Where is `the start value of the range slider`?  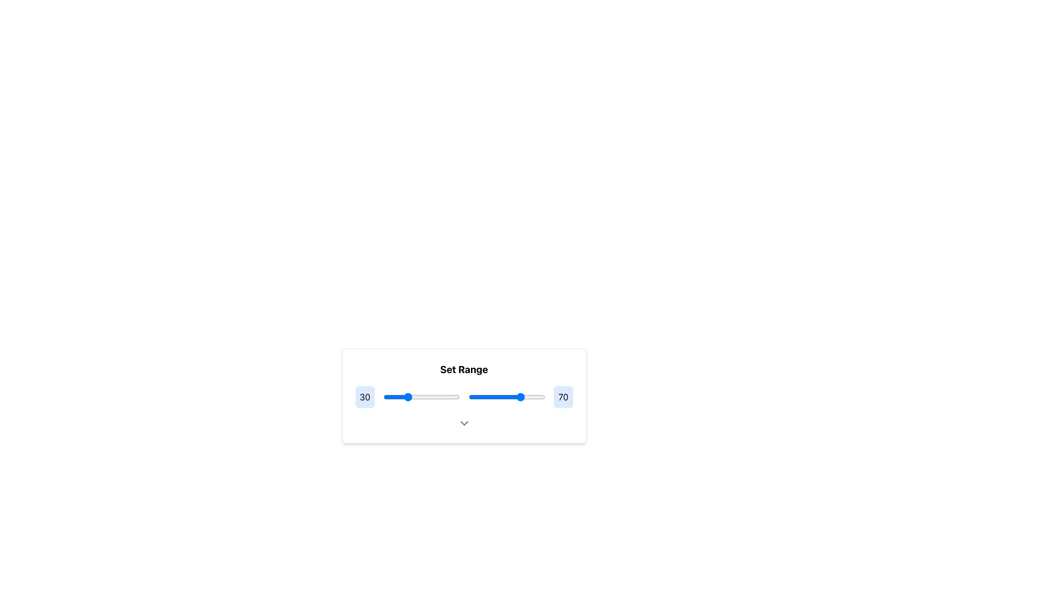
the start value of the range slider is located at coordinates (391, 397).